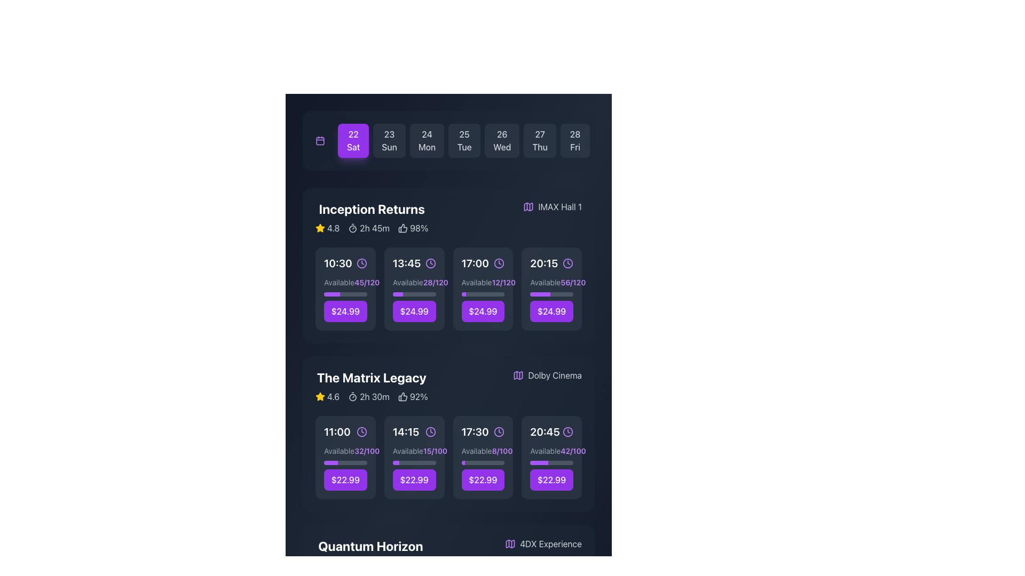  Describe the element at coordinates (345, 462) in the screenshot. I see `the horizontal progress bar below the text 'Available 32/100' and above the button labeled '$22.99' in the '11:00' session of 'The Matrix Legacy'` at that location.